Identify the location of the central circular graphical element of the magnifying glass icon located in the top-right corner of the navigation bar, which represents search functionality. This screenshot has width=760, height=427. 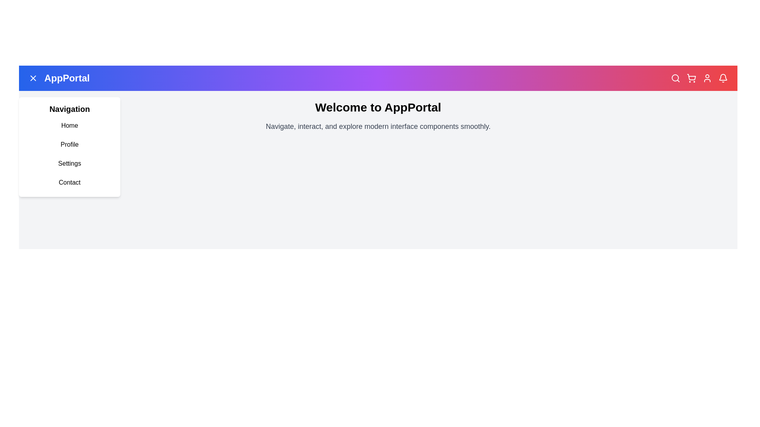
(674, 77).